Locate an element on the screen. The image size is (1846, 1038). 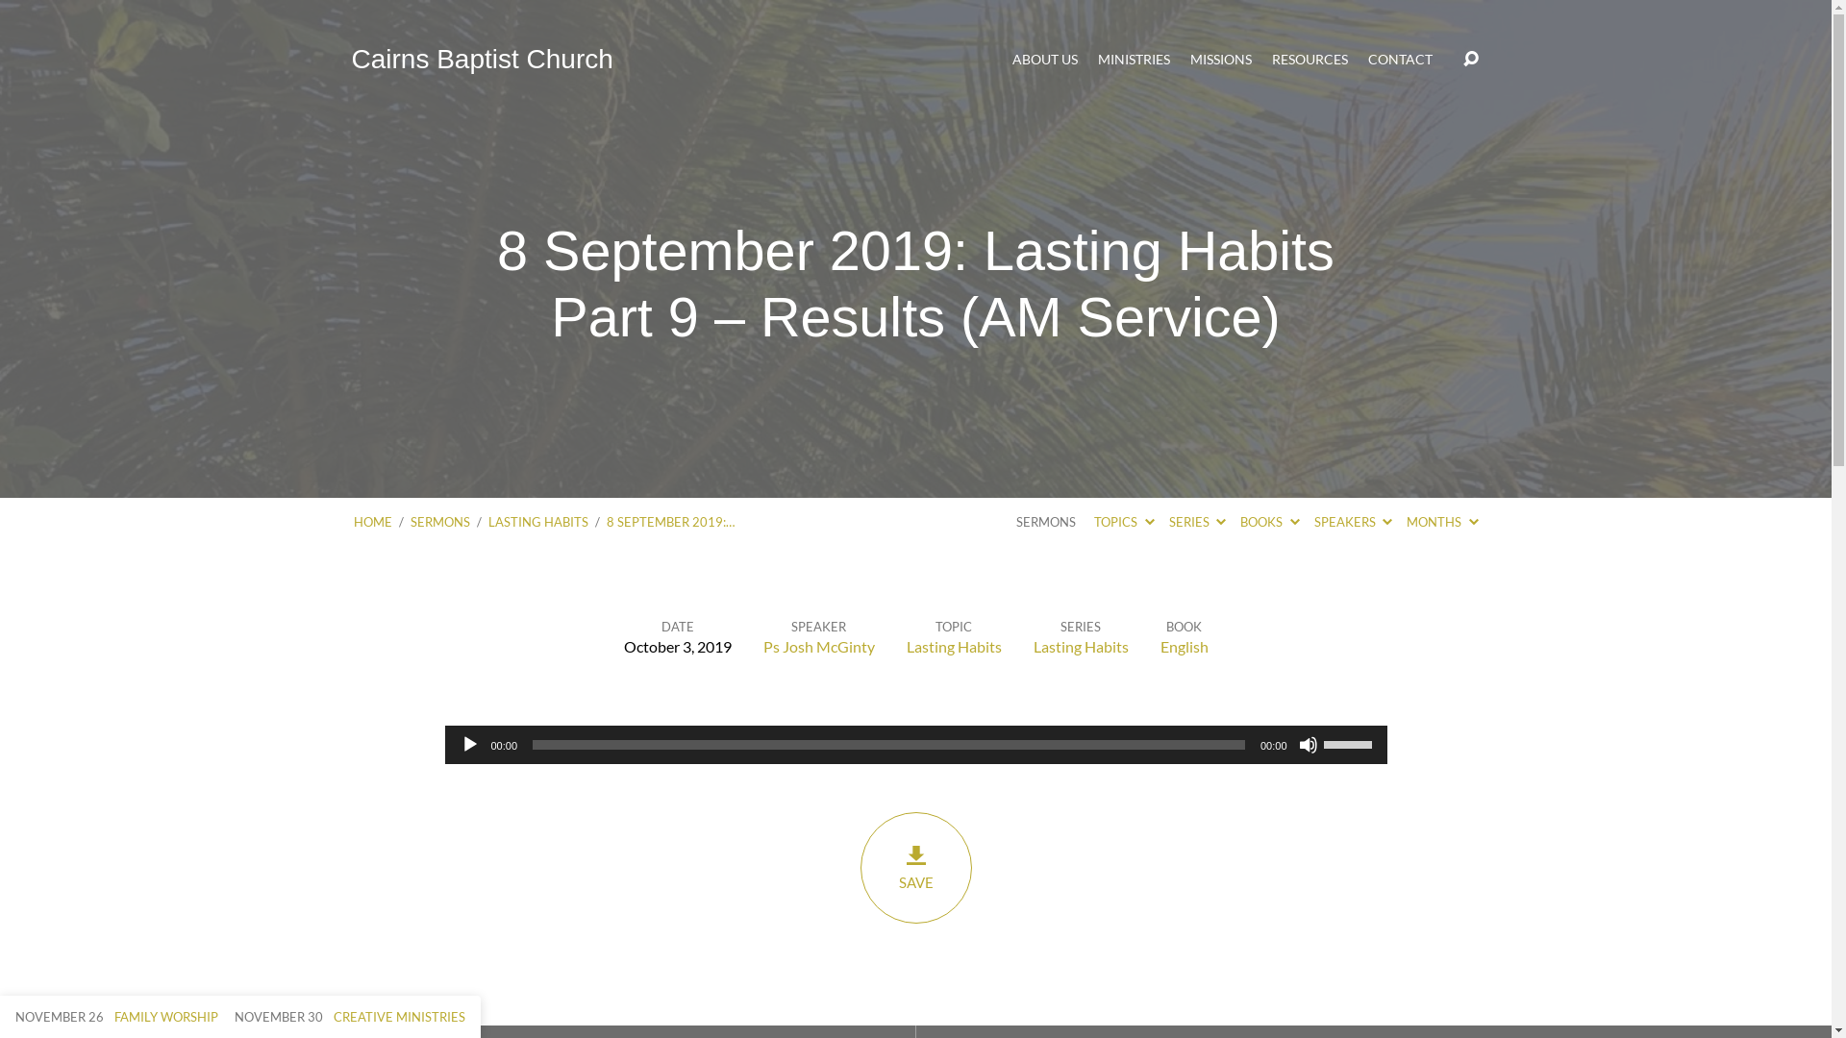
'SERIES' is located at coordinates (1196, 522).